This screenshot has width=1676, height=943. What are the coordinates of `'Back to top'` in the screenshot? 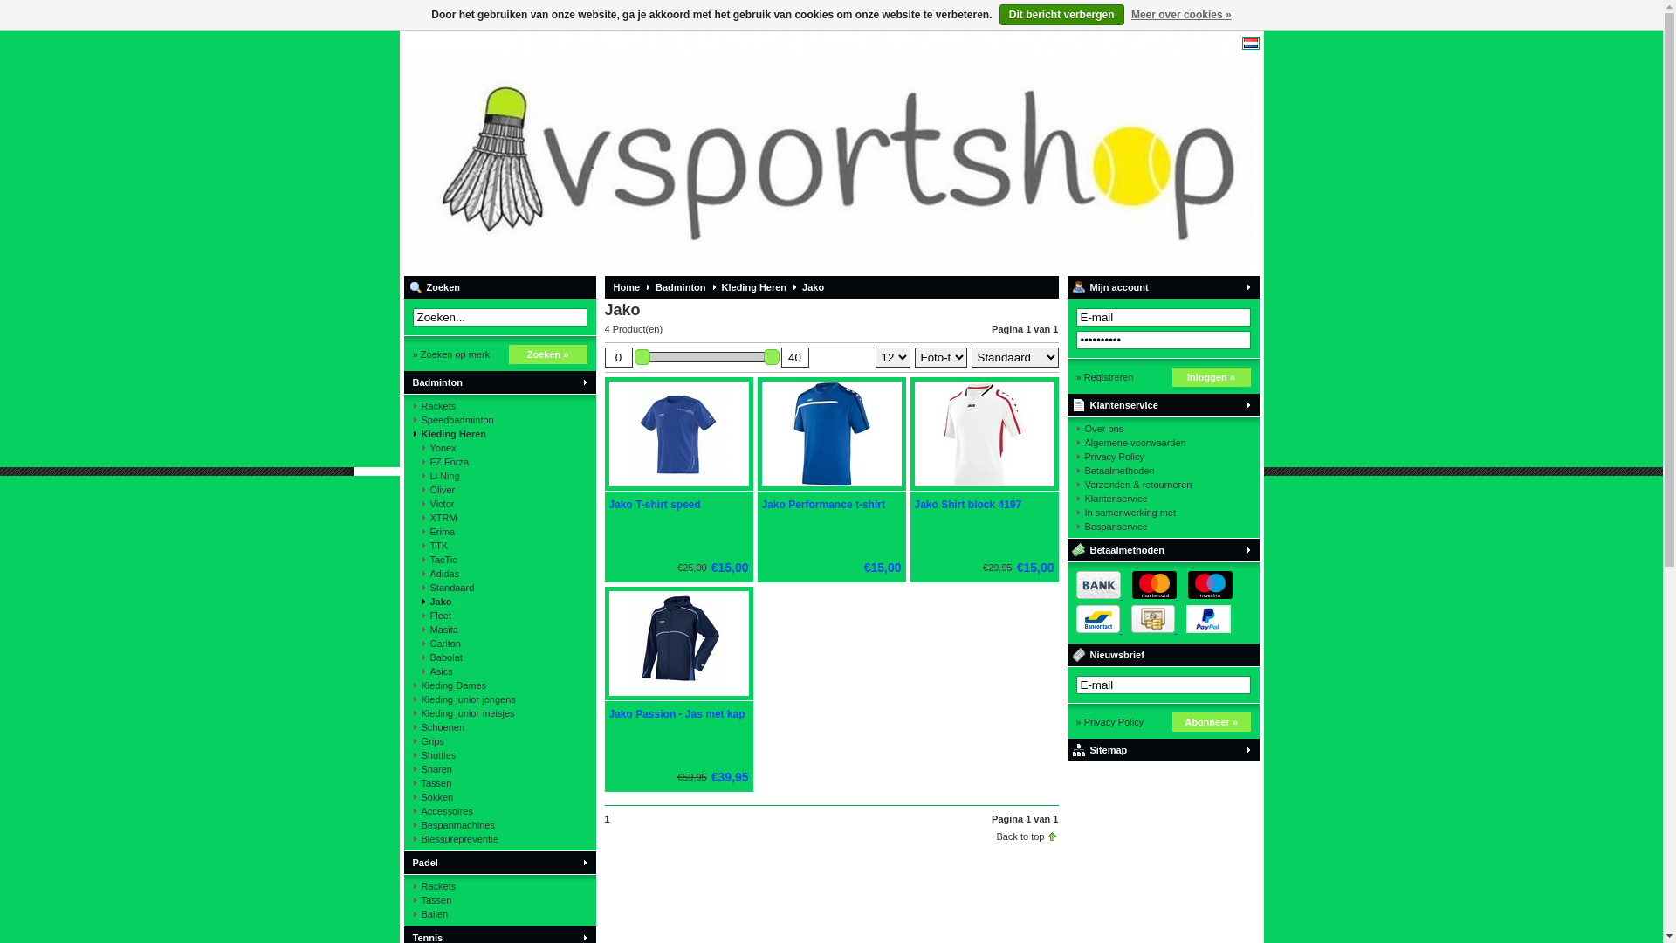 It's located at (996, 835).